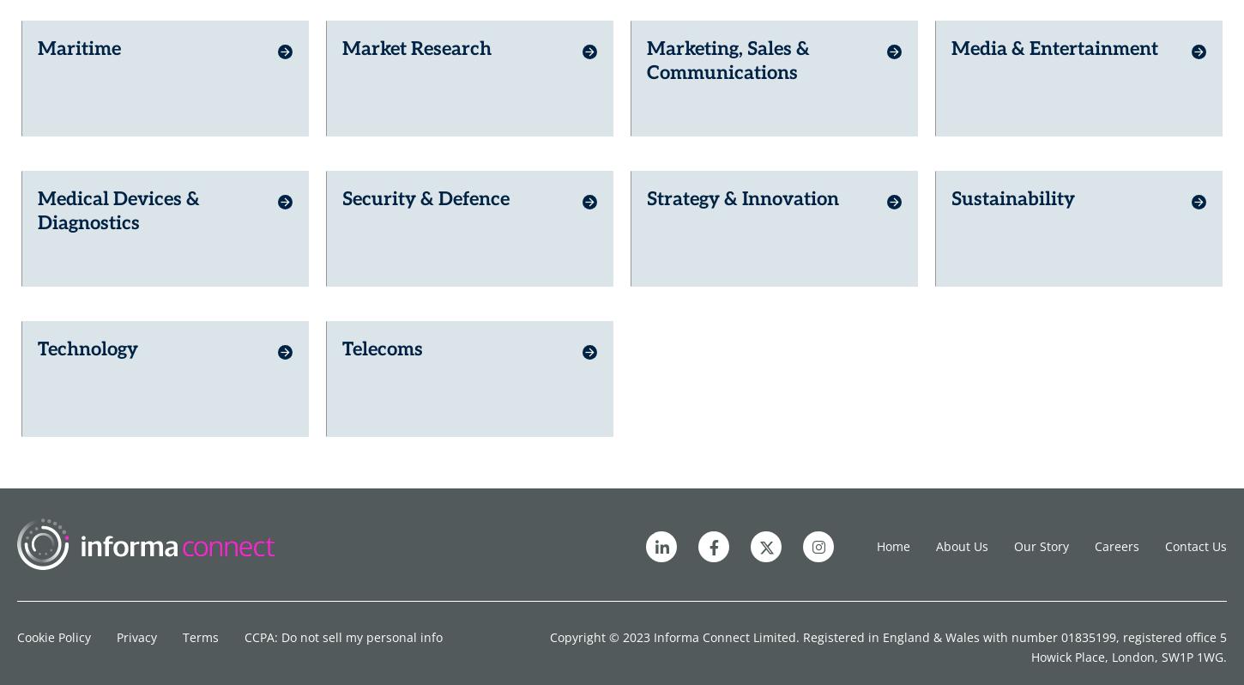 Image resolution: width=1244 pixels, height=685 pixels. I want to click on 'Maritime', so click(79, 41).